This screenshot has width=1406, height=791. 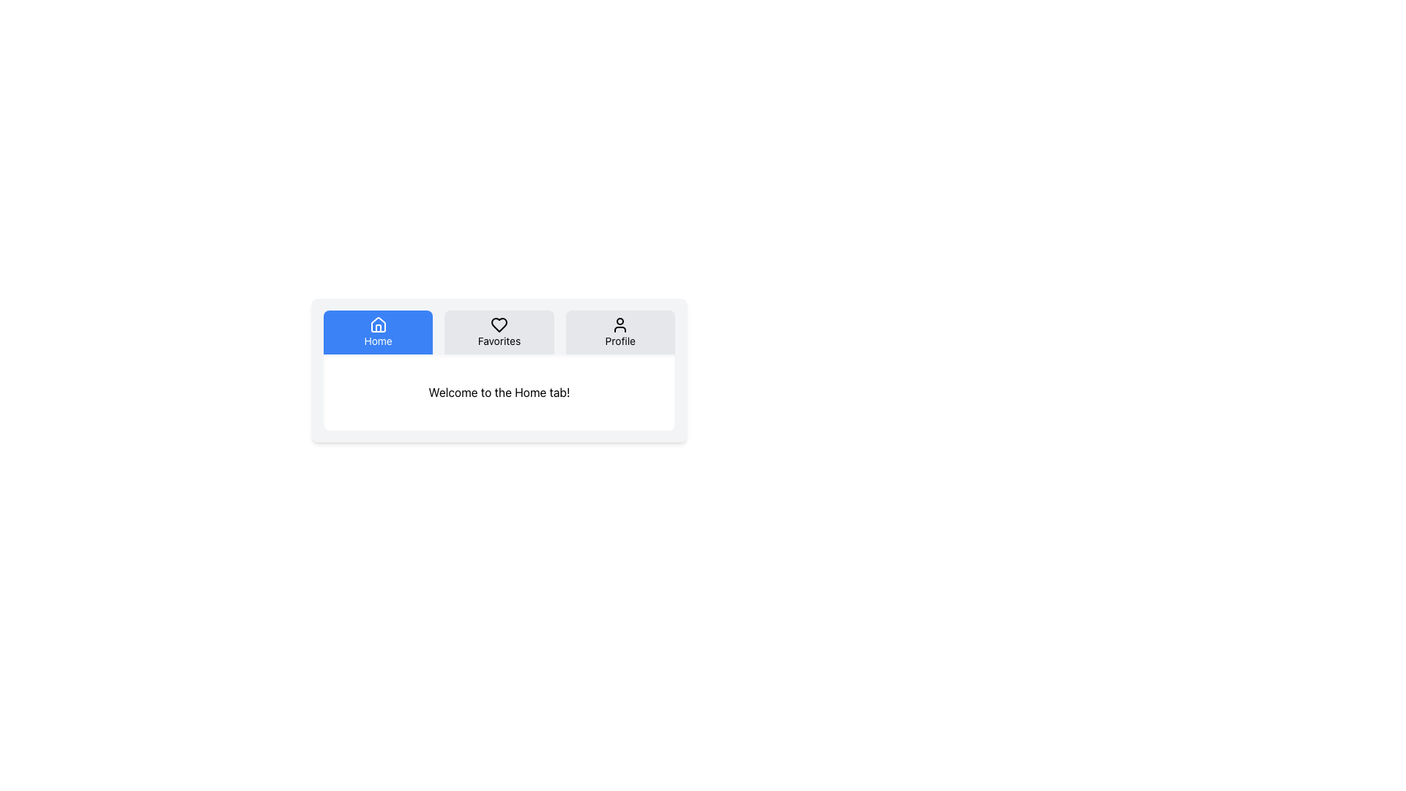 What do you see at coordinates (499, 333) in the screenshot?
I see `the 'Favorites' navigation tab, which is the second item in the horizontal navigation bar` at bounding box center [499, 333].